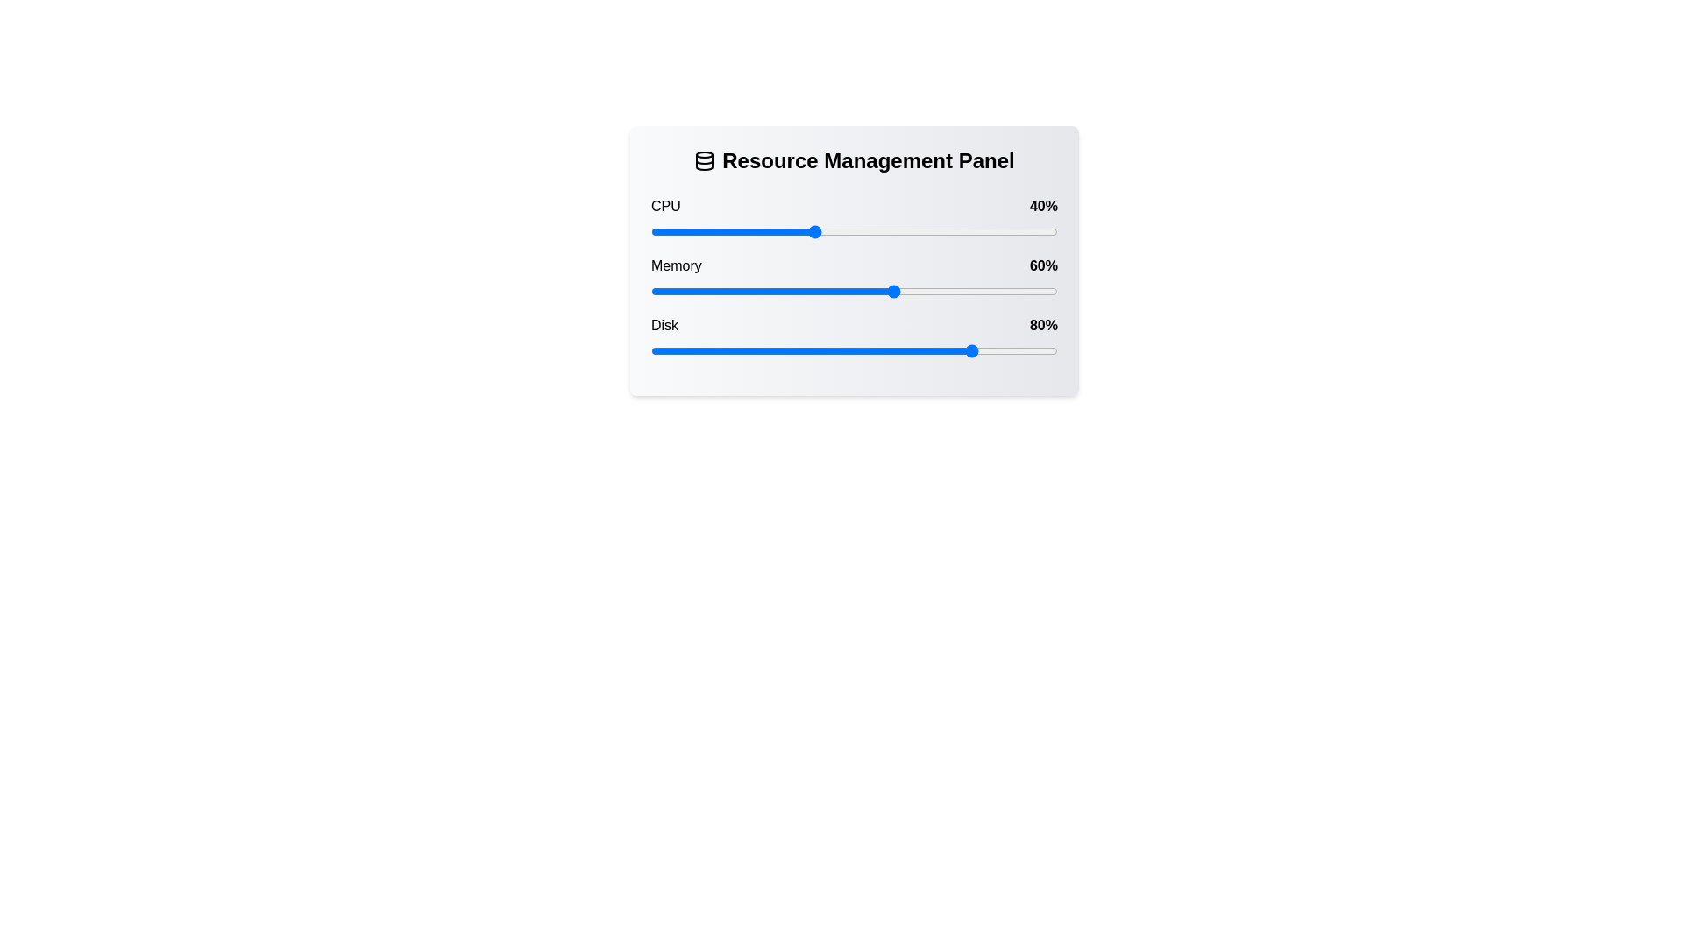 The width and height of the screenshot is (1683, 946). What do you see at coordinates (761, 351) in the screenshot?
I see `the Disk slider to set its value to 27%` at bounding box center [761, 351].